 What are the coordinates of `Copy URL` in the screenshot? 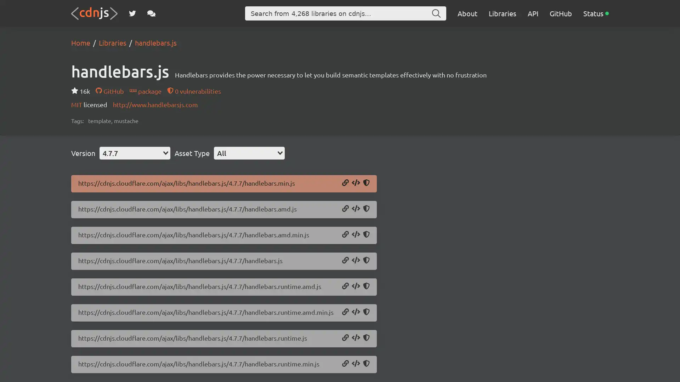 It's located at (345, 261).